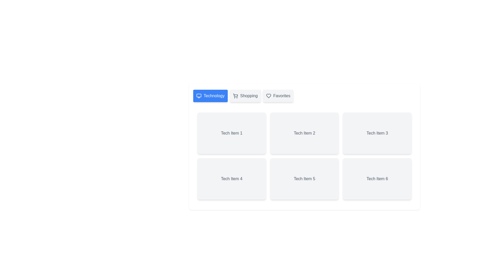 The width and height of the screenshot is (498, 280). What do you see at coordinates (231, 133) in the screenshot?
I see `the item labeled Tech Item 1 within the active tab` at bounding box center [231, 133].